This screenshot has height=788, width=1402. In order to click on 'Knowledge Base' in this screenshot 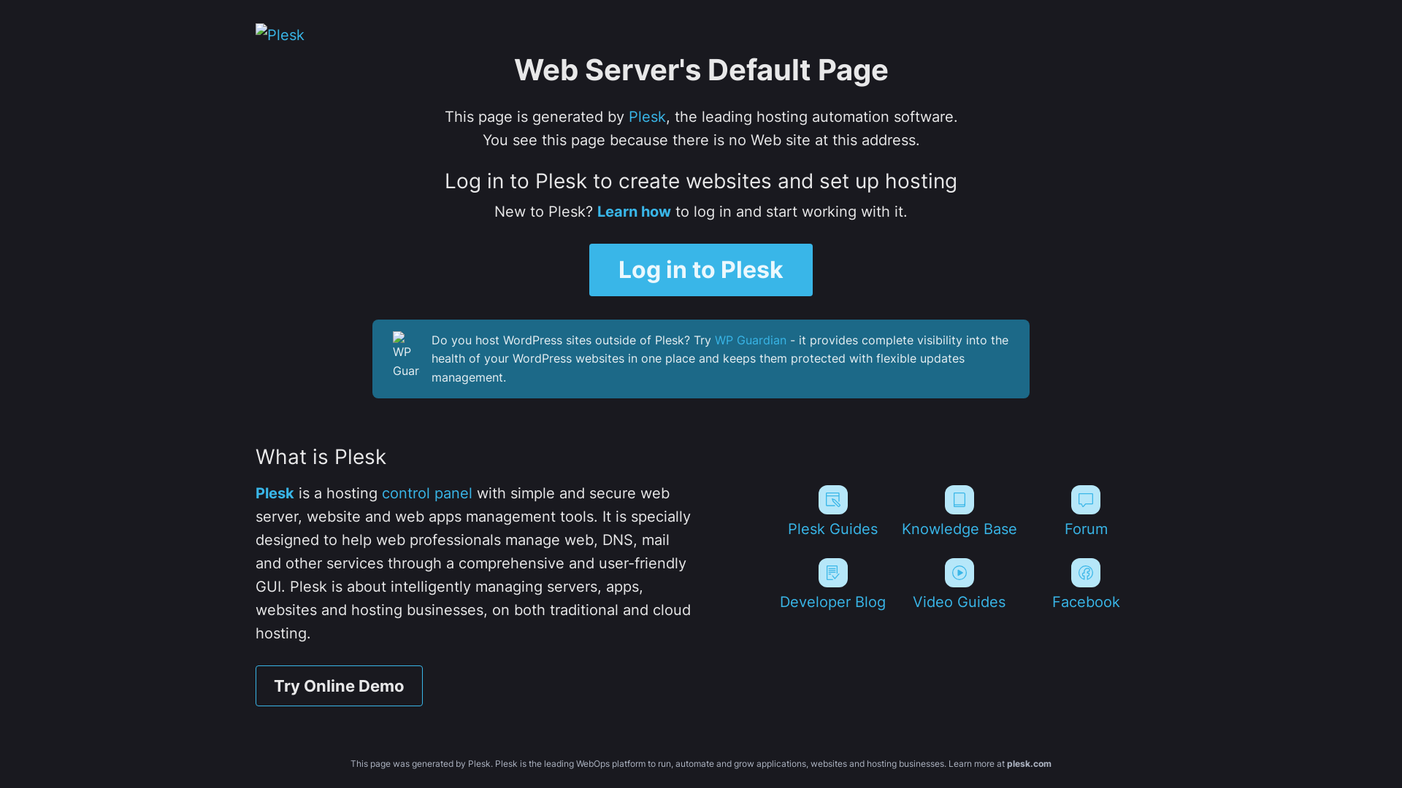, I will do `click(959, 511)`.